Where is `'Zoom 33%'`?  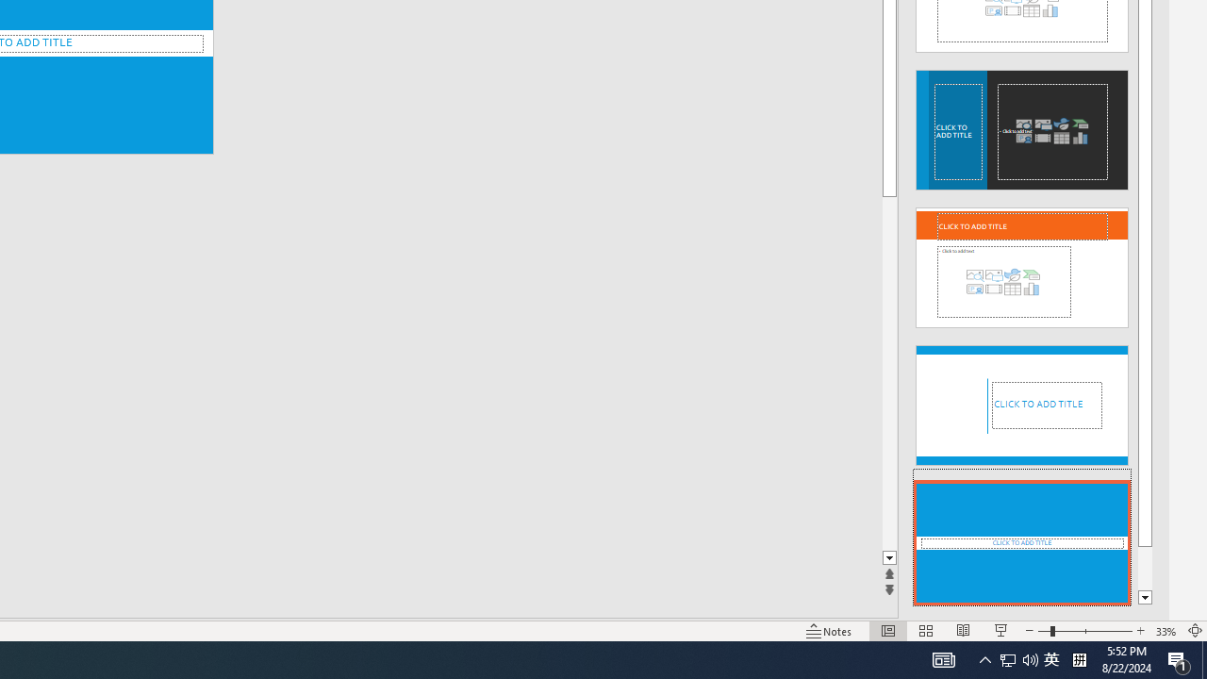 'Zoom 33%' is located at coordinates (1166, 631).